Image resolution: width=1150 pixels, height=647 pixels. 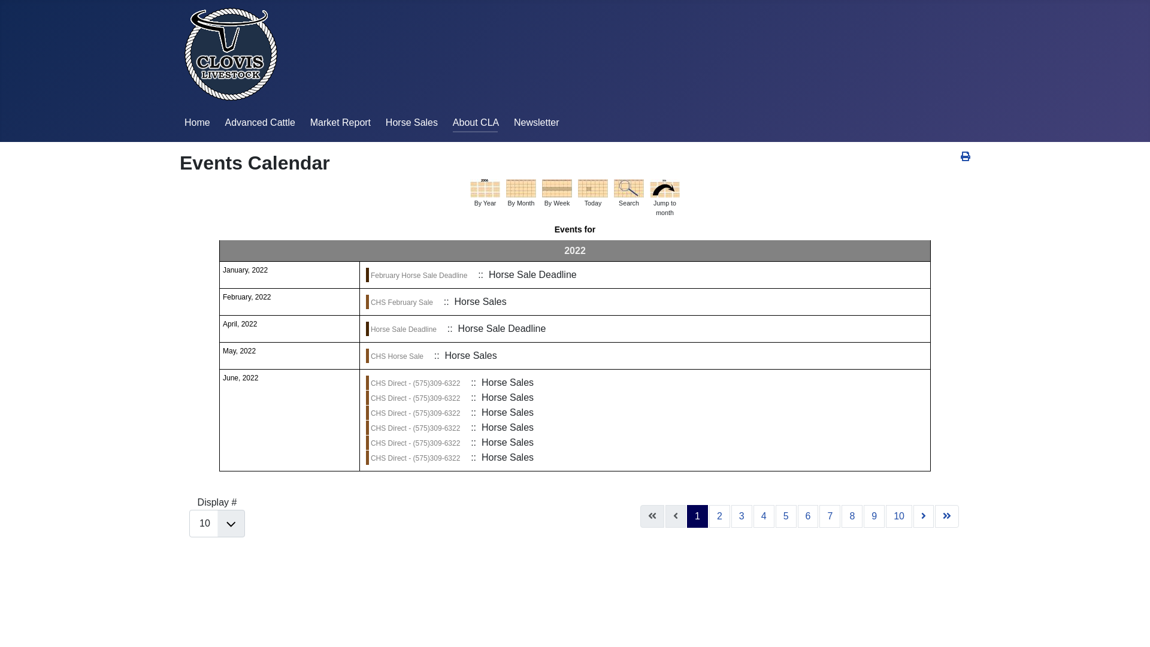 What do you see at coordinates (719, 515) in the screenshot?
I see `'2'` at bounding box center [719, 515].